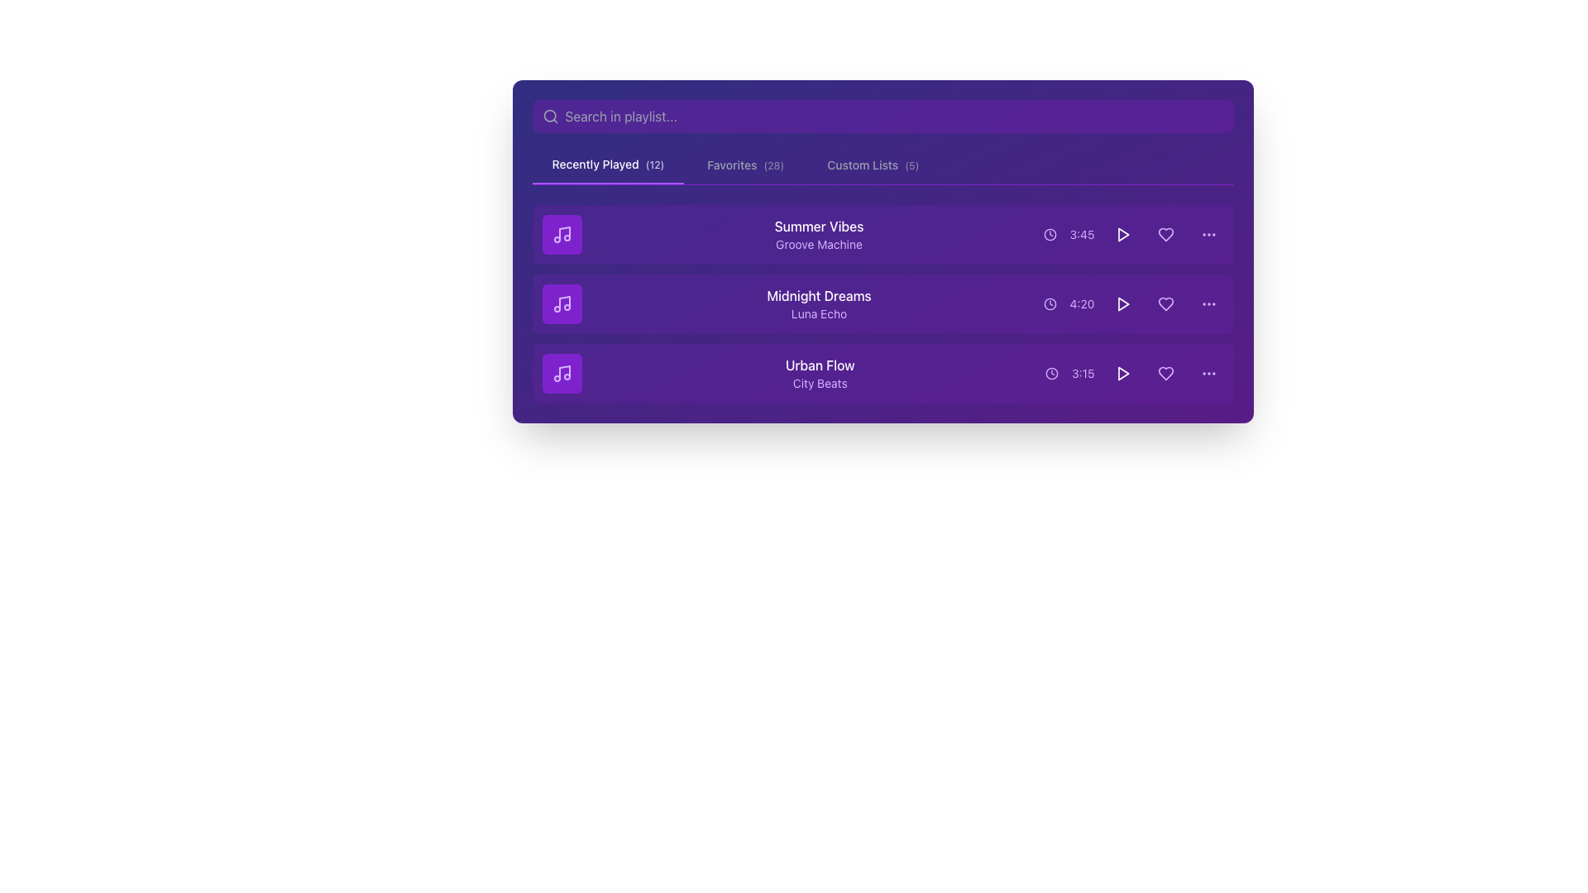 The image size is (1588, 893). What do you see at coordinates (562, 373) in the screenshot?
I see `the audio track icon for 'Urban Flow City Beats' located in the 'Recently Played' section, which is the first element of the third list item` at bounding box center [562, 373].